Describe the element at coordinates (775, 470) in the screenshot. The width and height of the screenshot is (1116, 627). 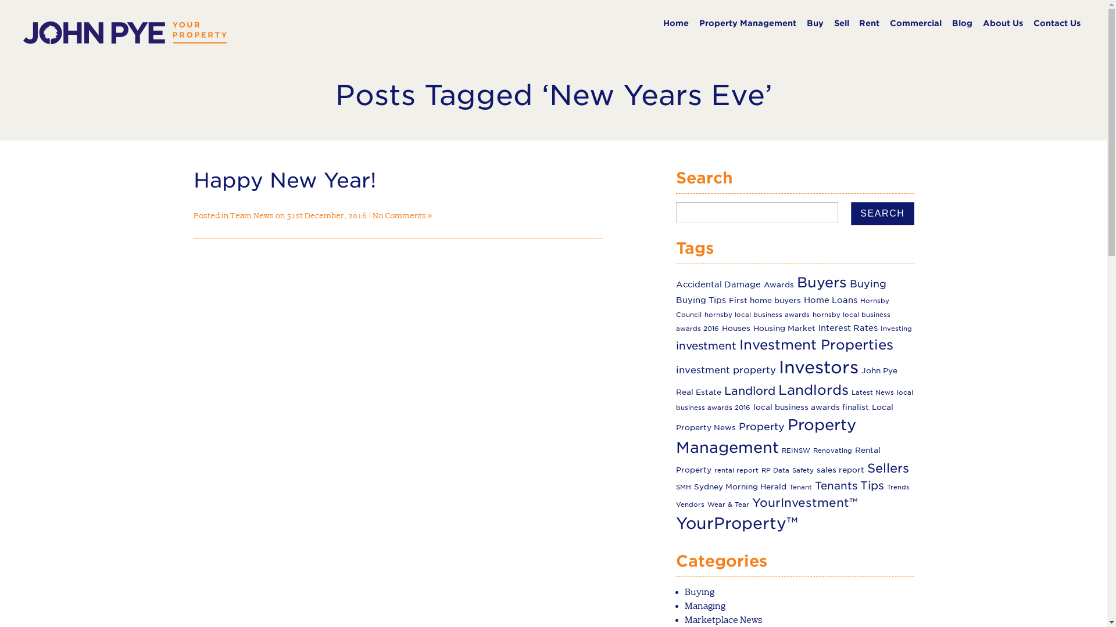
I see `'RP Data'` at that location.